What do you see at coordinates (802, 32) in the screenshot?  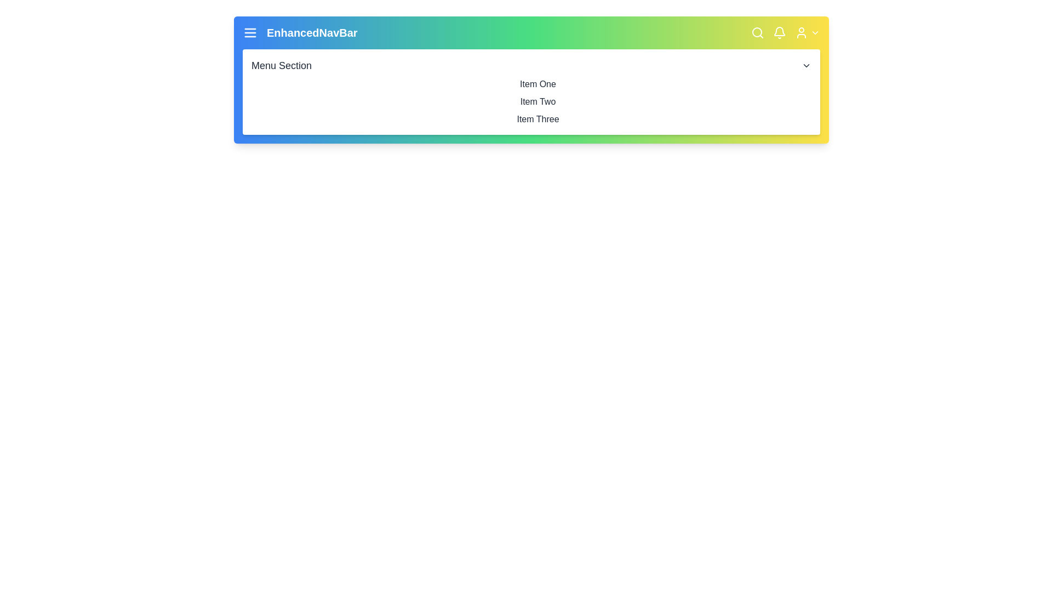 I see `the user profile icon to access user options` at bounding box center [802, 32].